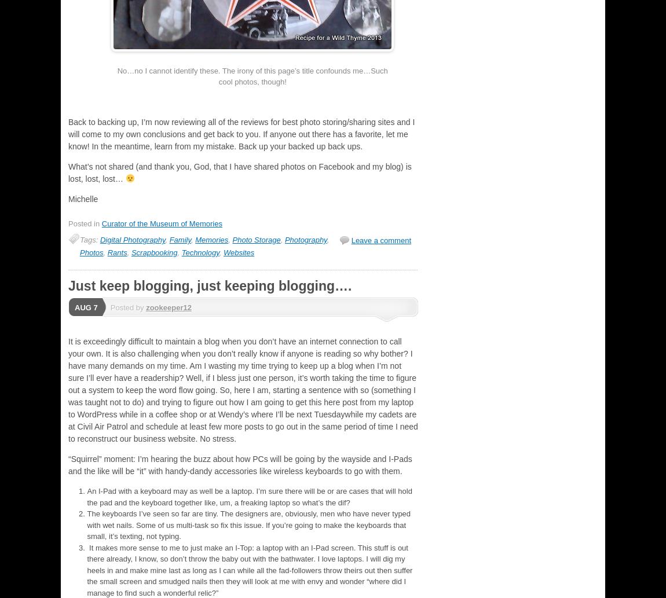 The image size is (666, 598). Describe the element at coordinates (91, 252) in the screenshot. I see `'Photos'` at that location.